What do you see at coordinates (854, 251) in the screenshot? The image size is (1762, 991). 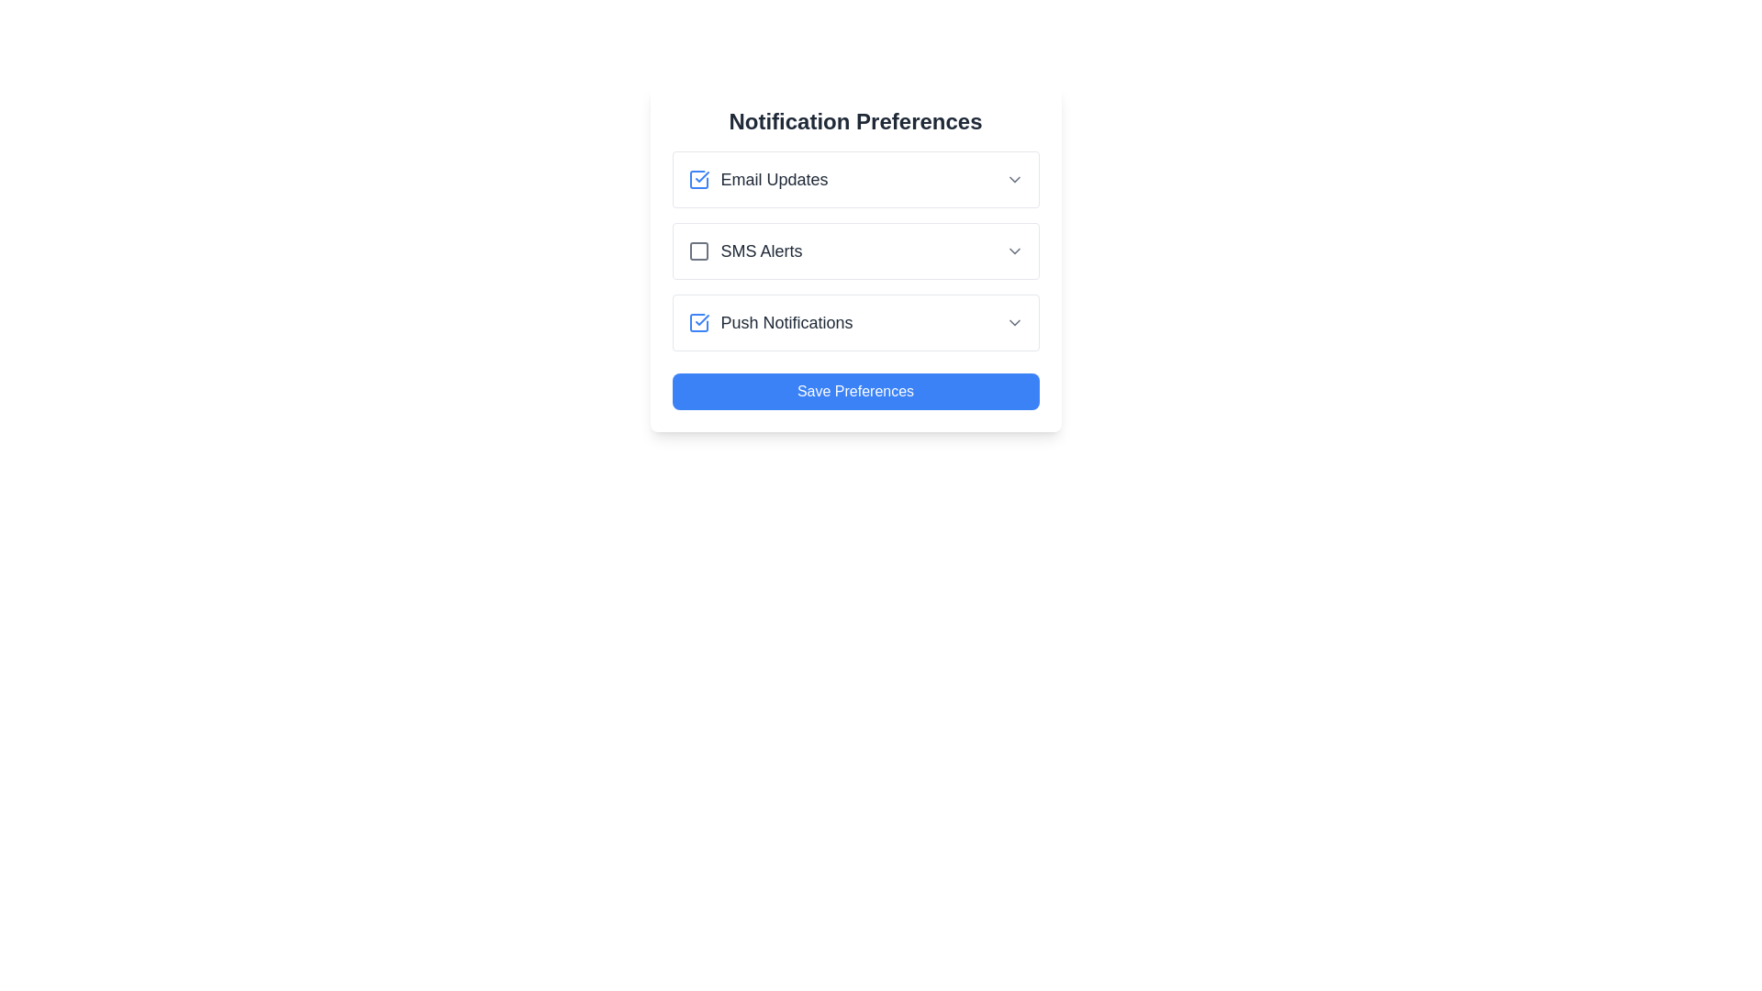 I see `the dropdown of the 'SMS Alerts' List Item with Checkbox and Dropdown to view additional options` at bounding box center [854, 251].